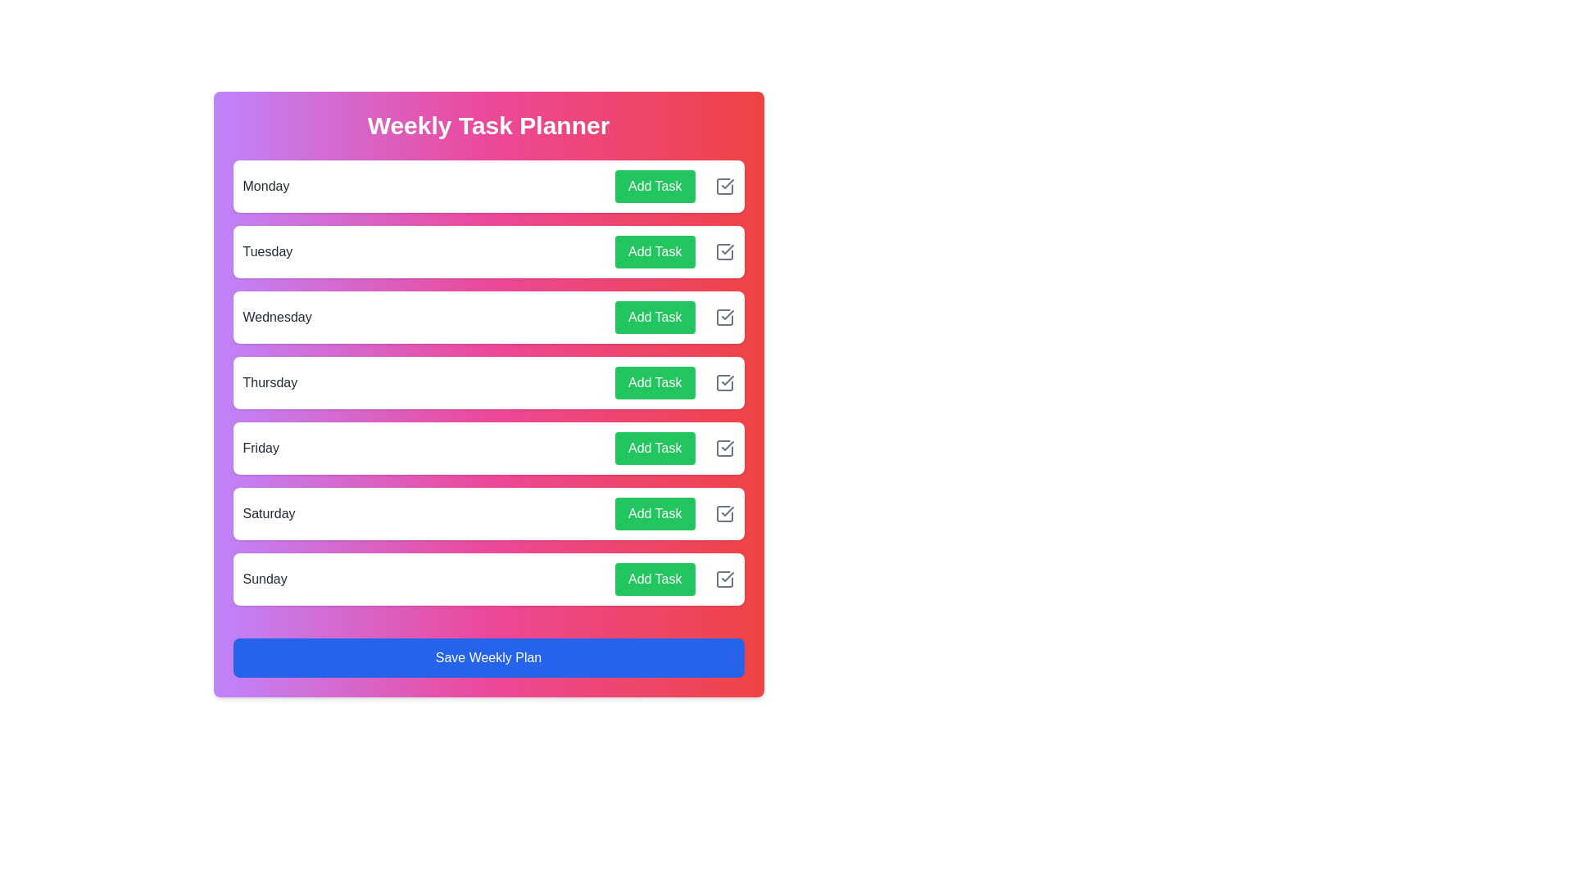 Image resolution: width=1573 pixels, height=884 pixels. I want to click on the 'Add Task' button for Wednesday, so click(654, 318).